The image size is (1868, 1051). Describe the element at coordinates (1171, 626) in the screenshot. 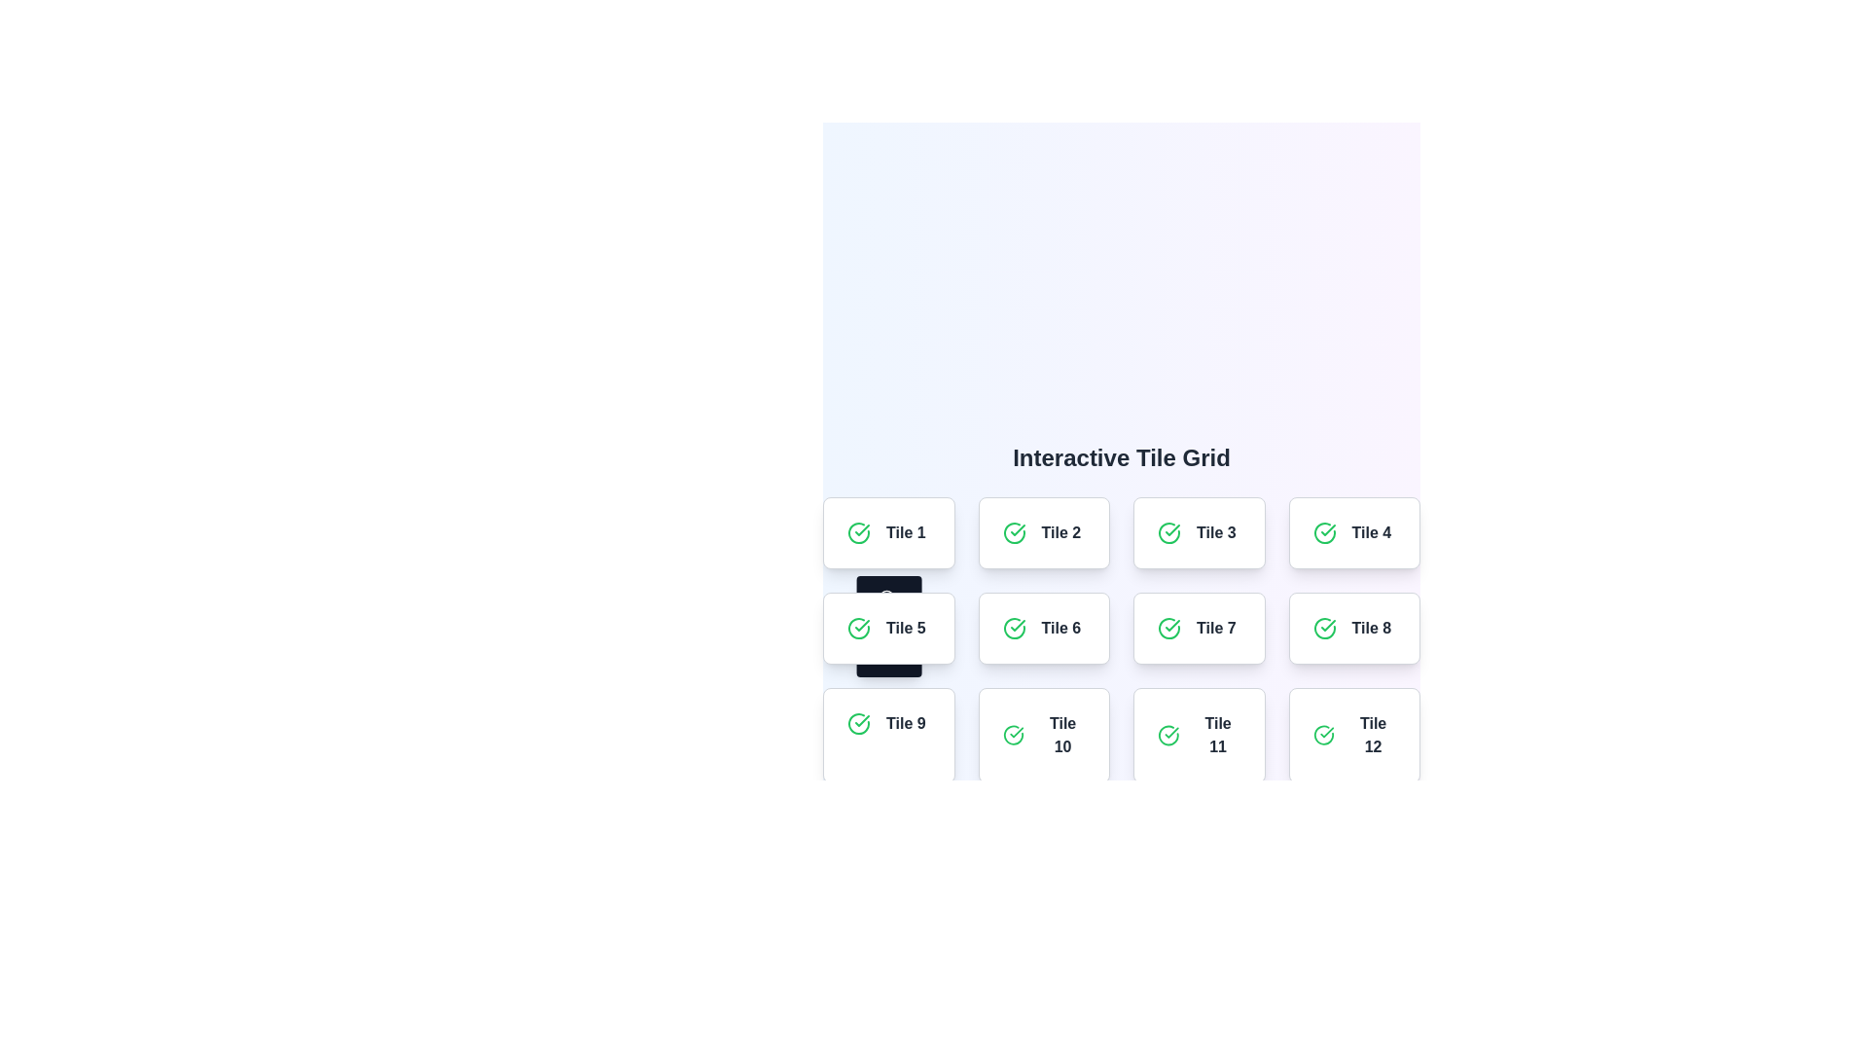

I see `Checkmark icon, which is a green checkmark within a circular boundary, located in the center of the 'Tile 5' grid tile` at that location.